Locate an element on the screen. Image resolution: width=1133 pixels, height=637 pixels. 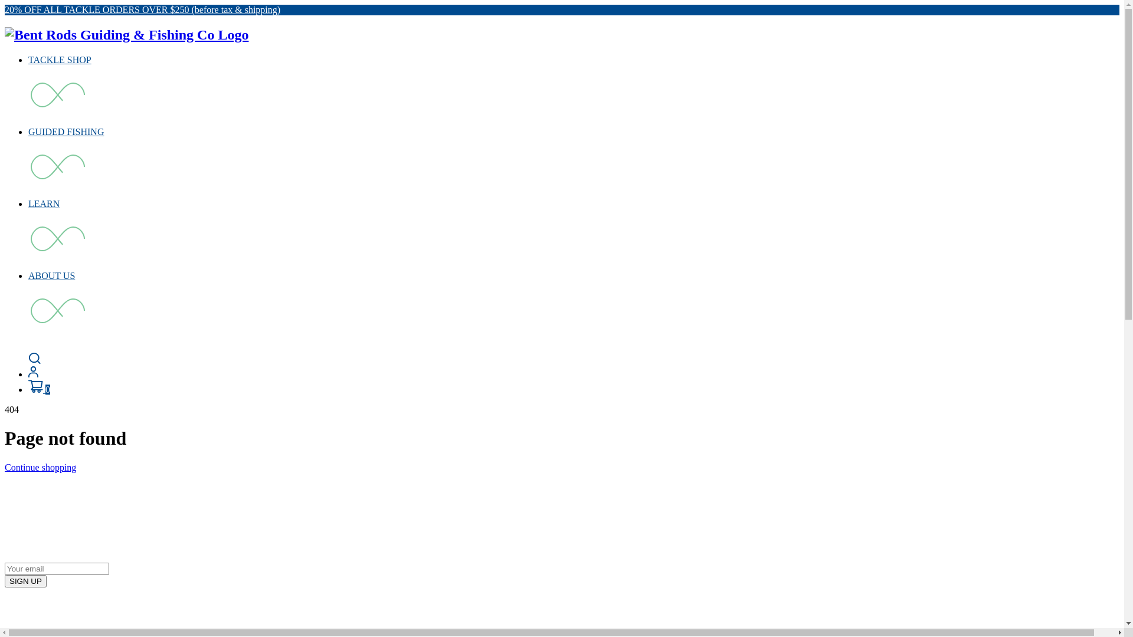
'GUIDED FISHING' is located at coordinates (28, 132).